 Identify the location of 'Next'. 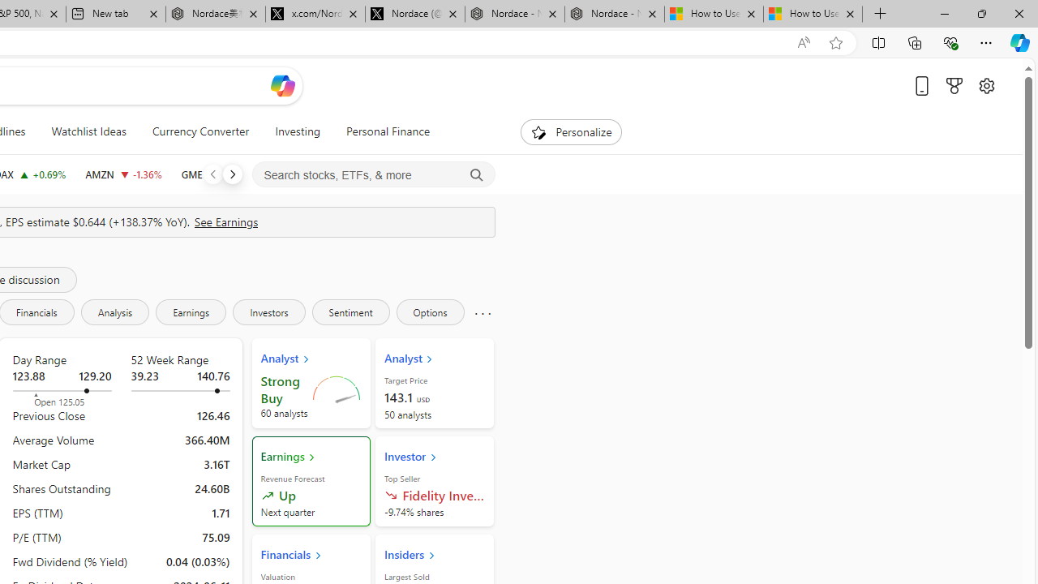
(231, 174).